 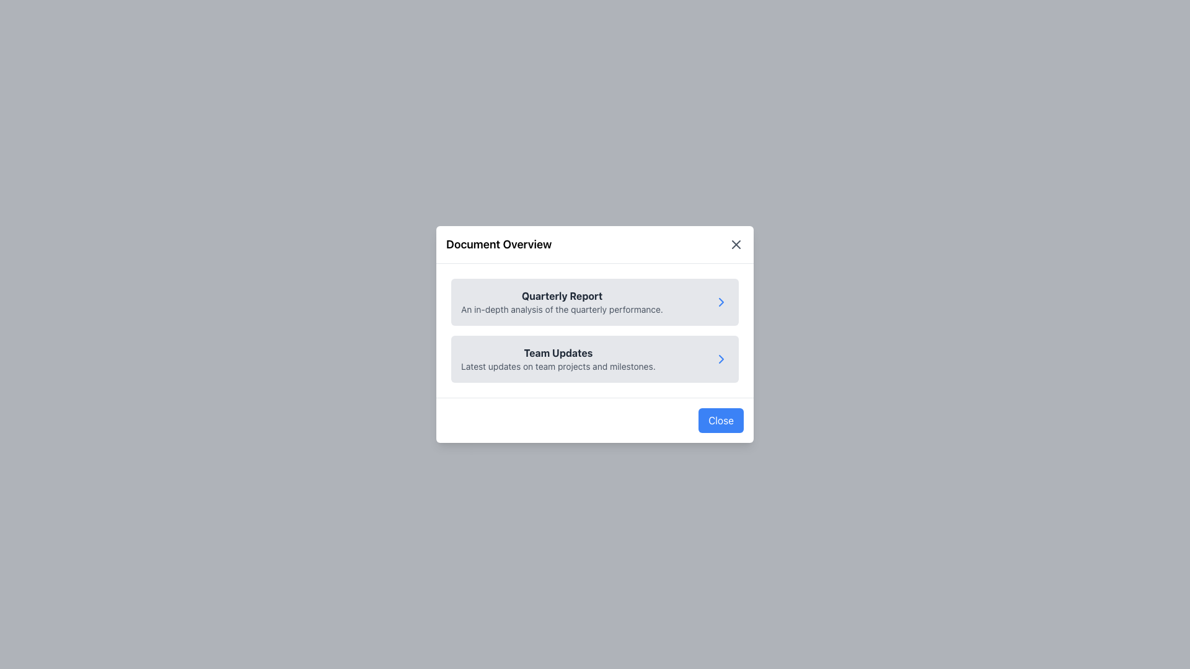 What do you see at coordinates (557, 365) in the screenshot?
I see `text from the Text Label located directly below the 'Team Updates' heading, which is styled with a smaller font size and gray color` at bounding box center [557, 365].